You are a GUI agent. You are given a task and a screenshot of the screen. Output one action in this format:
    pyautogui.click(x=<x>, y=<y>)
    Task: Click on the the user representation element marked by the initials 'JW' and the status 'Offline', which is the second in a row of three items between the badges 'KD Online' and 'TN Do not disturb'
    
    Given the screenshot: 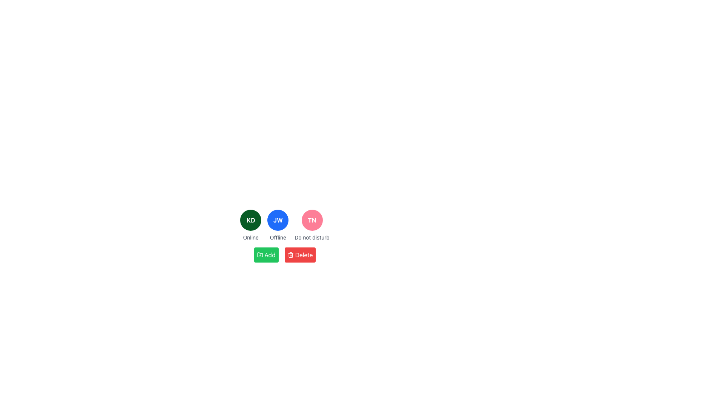 What is the action you would take?
    pyautogui.click(x=278, y=225)
    